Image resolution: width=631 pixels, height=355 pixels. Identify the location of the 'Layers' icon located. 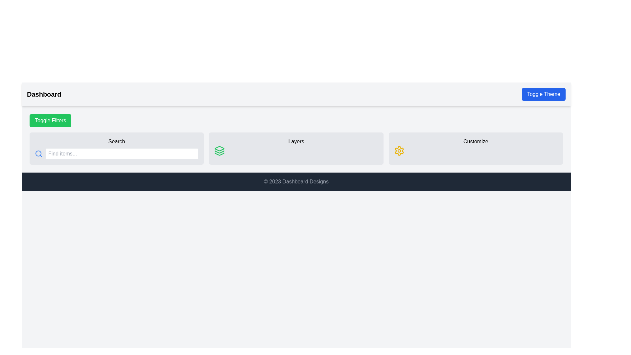
(220, 151).